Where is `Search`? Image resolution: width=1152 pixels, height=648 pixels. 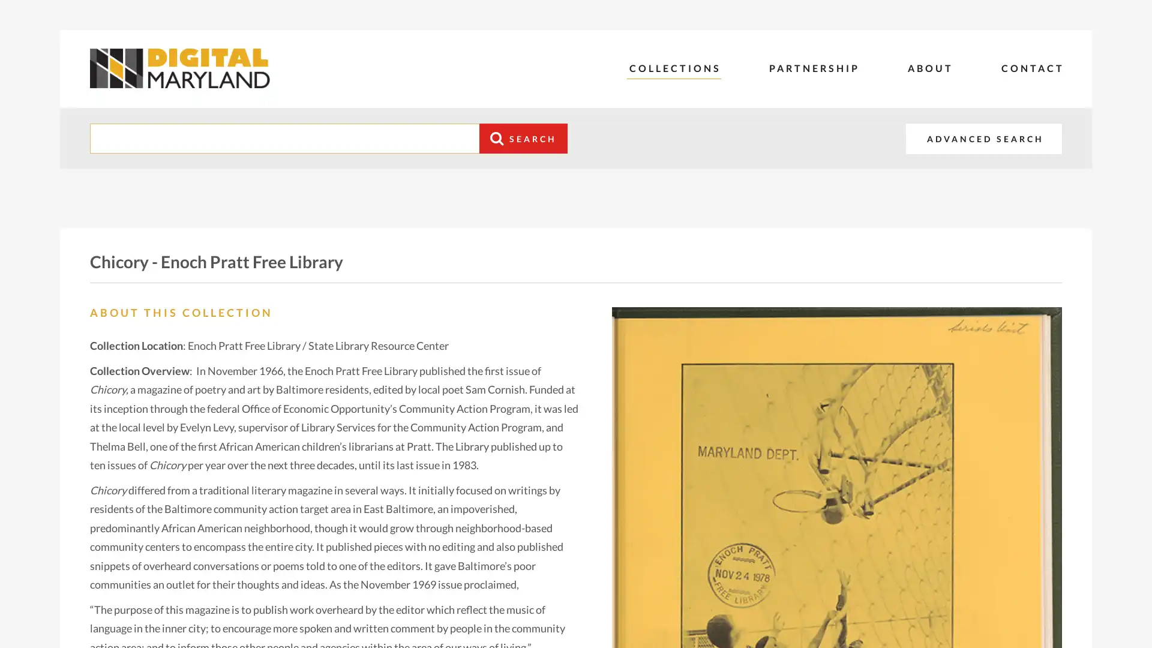 Search is located at coordinates (523, 138).